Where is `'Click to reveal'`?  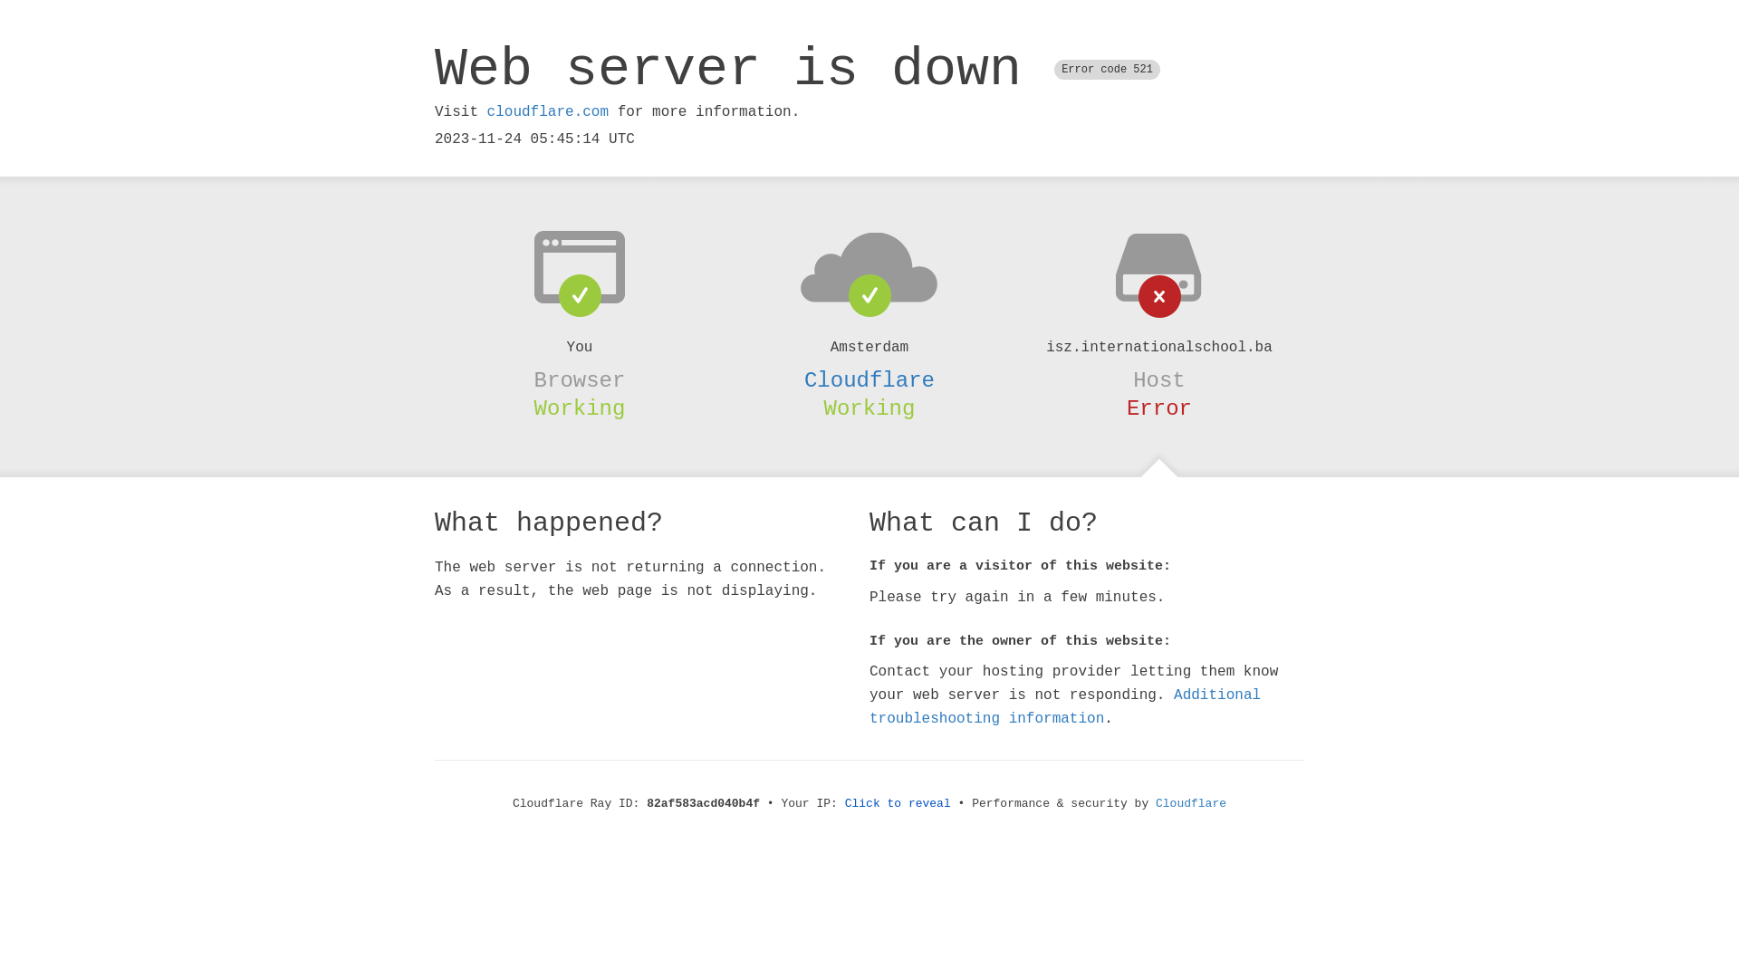
'Click to reveal' is located at coordinates (898, 802).